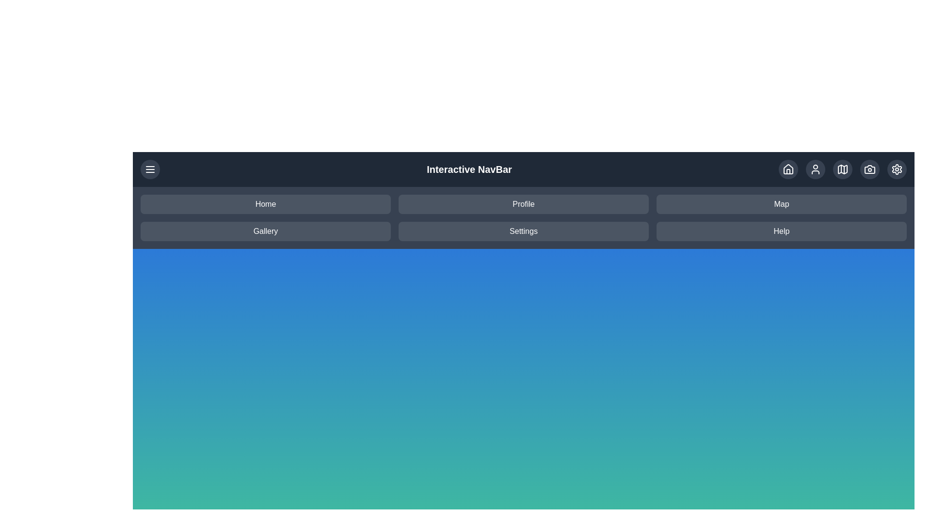 The height and width of the screenshot is (523, 931). What do you see at coordinates (523, 203) in the screenshot?
I see `the menu item labeled Profile` at bounding box center [523, 203].